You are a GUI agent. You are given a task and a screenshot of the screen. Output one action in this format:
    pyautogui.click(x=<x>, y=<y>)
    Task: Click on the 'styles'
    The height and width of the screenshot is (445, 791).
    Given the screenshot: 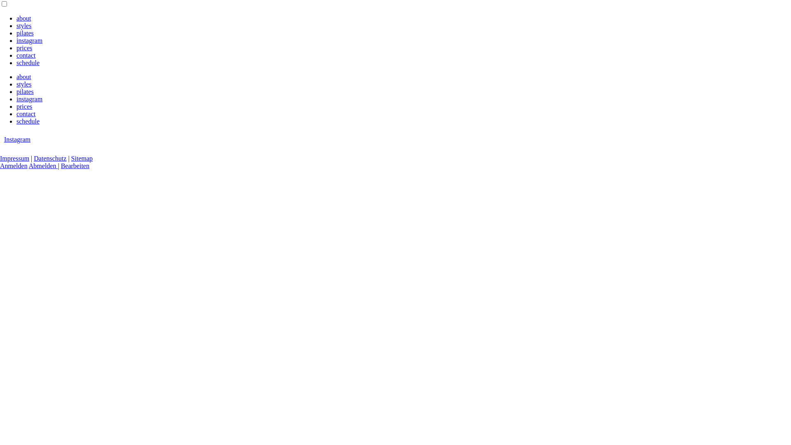 What is the action you would take?
    pyautogui.click(x=23, y=84)
    